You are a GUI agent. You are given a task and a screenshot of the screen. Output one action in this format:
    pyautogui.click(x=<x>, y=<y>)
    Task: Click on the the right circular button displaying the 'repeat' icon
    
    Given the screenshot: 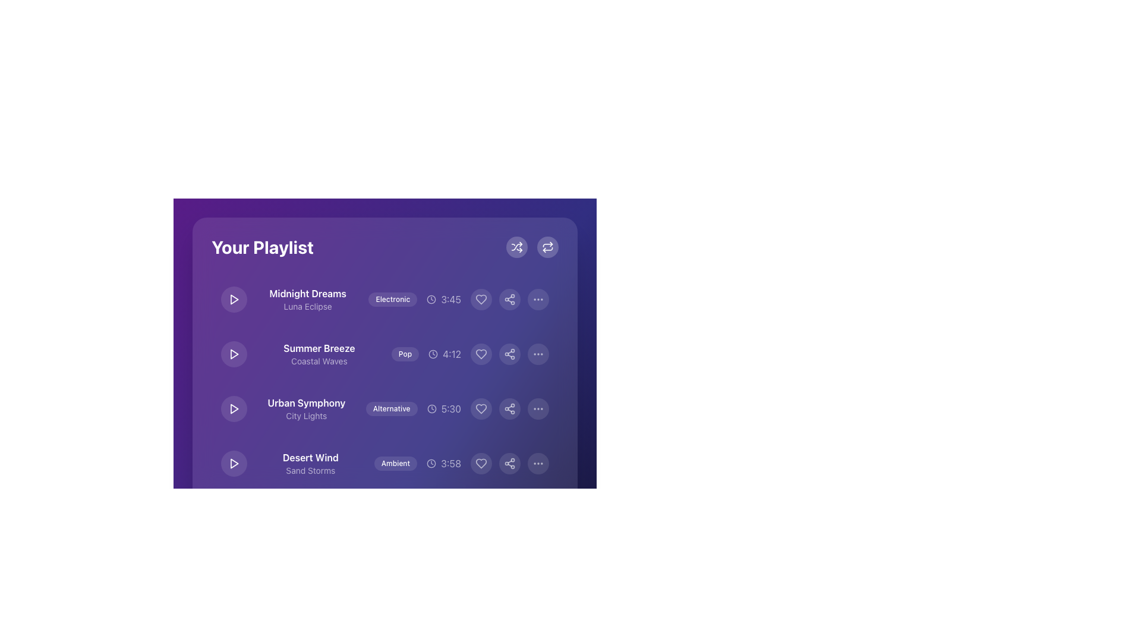 What is the action you would take?
    pyautogui.click(x=532, y=247)
    